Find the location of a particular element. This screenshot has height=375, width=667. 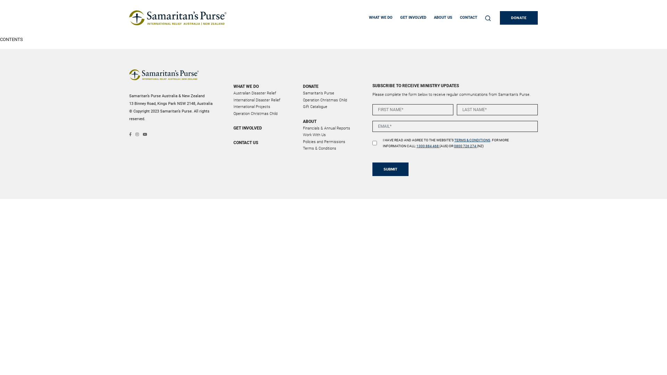

'ABOUT US' is located at coordinates (433, 17).